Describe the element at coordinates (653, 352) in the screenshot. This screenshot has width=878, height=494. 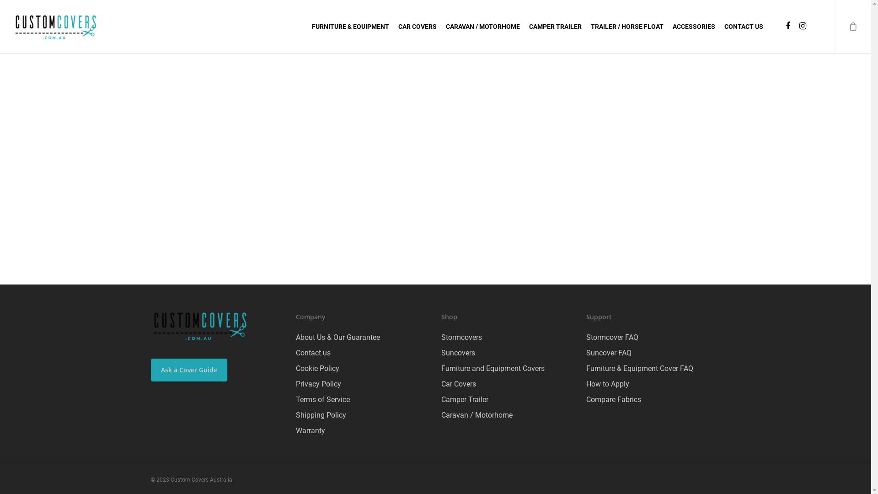
I see `'Suncover FAQ'` at that location.